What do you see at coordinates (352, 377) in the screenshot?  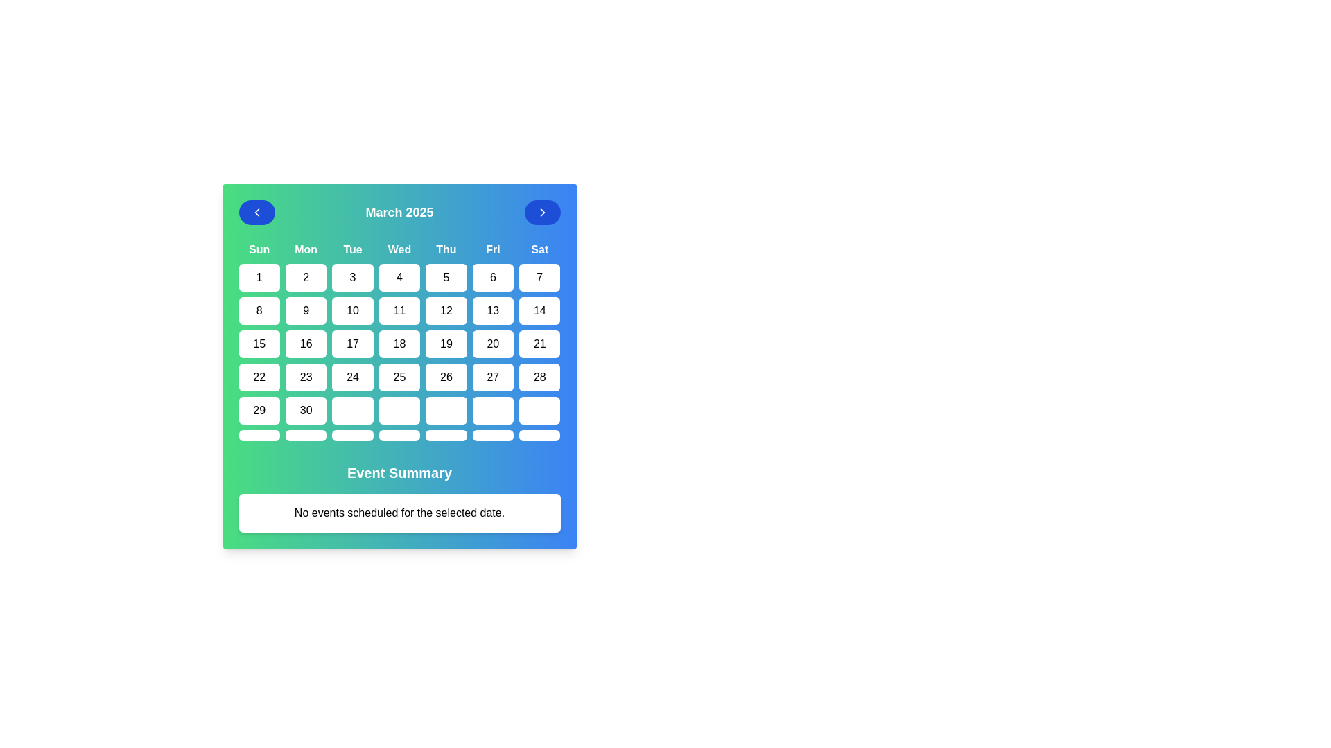 I see `the calendar date cell displaying '24', which has a white background and black centered text, located in the calendar grid as the fourth cell of the last week of March 2025` at bounding box center [352, 377].